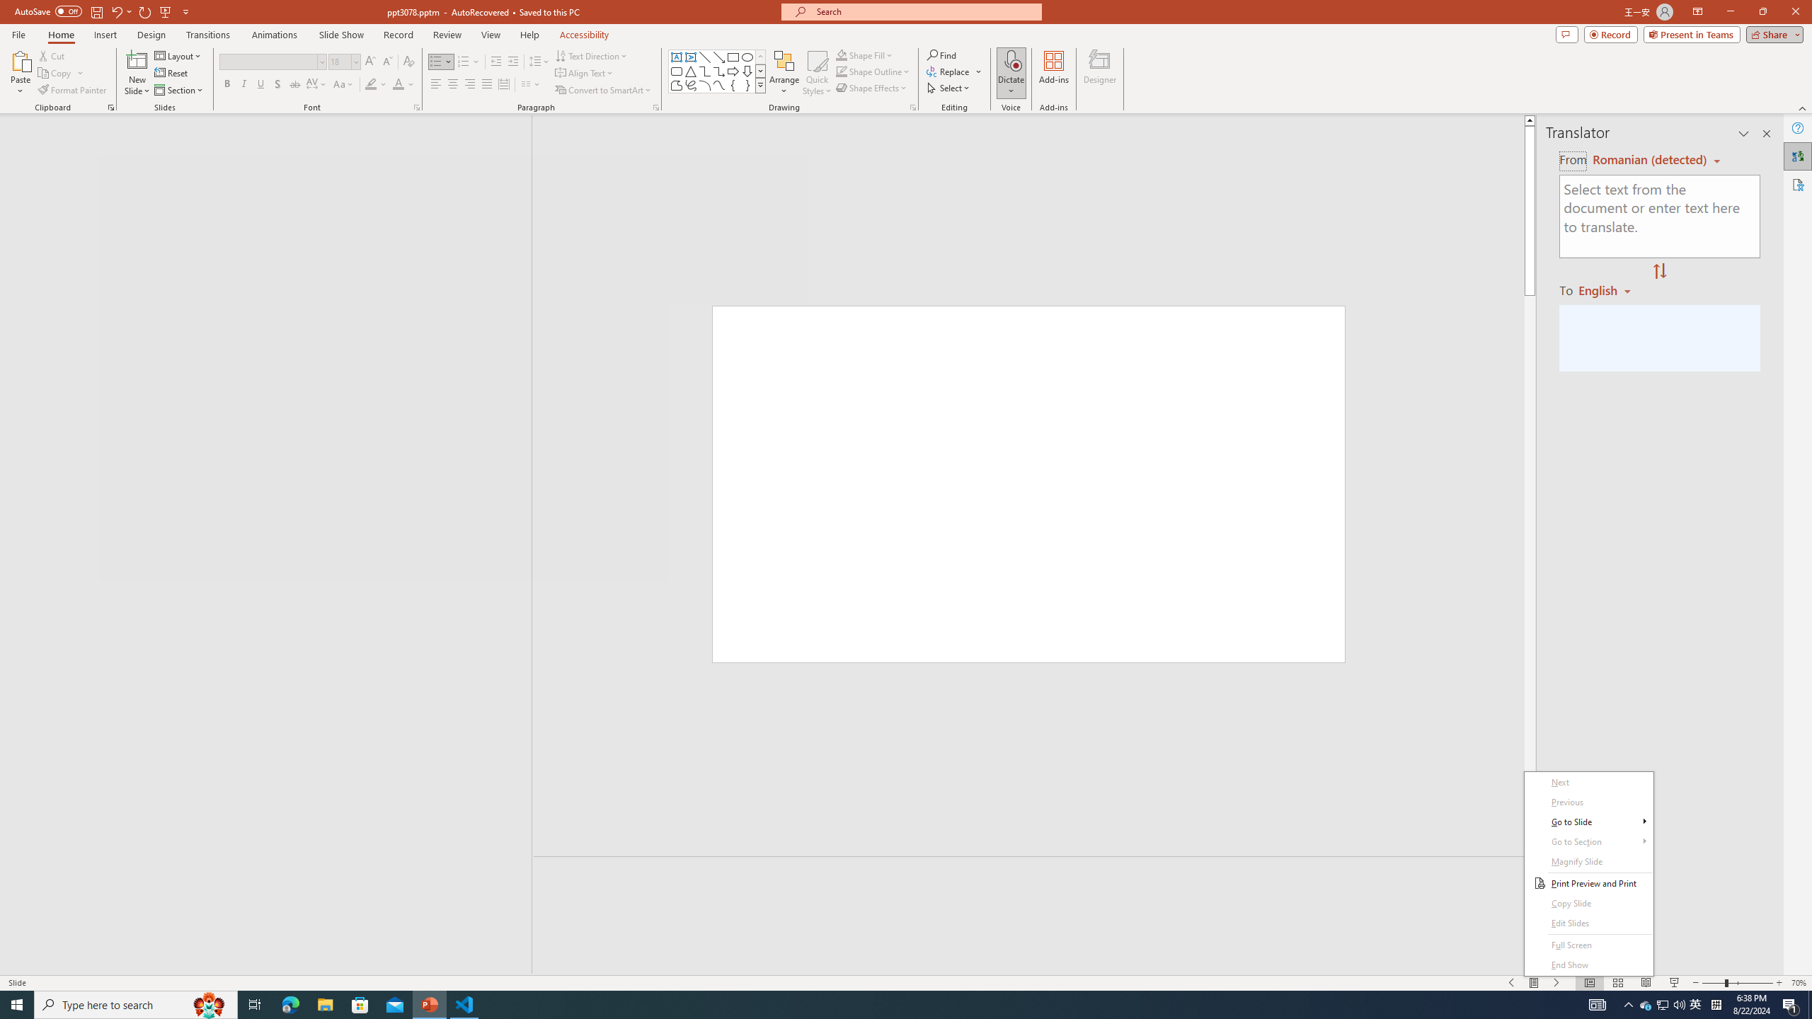  Describe the element at coordinates (1589, 842) in the screenshot. I see `'Go to Section'` at that location.